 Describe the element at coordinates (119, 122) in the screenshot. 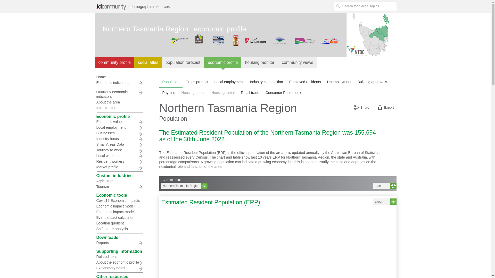

I see `'Economic value` at that location.